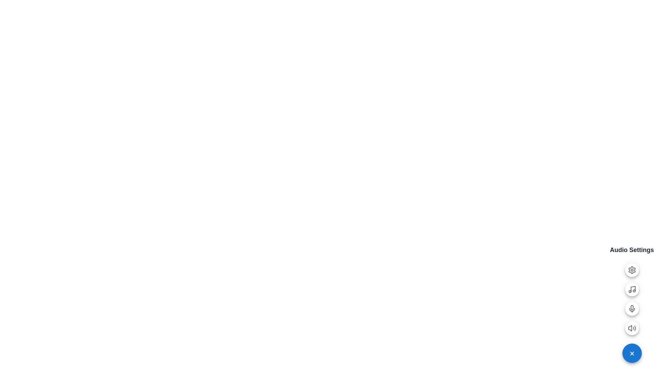 The width and height of the screenshot is (665, 374). What do you see at coordinates (632, 308) in the screenshot?
I see `the microphone settings button, which is the third button from the top in a vertical stack located near the right edge of the interface` at bounding box center [632, 308].